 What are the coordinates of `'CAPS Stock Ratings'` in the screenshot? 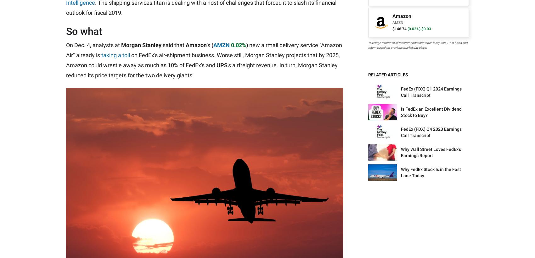 It's located at (354, 84).